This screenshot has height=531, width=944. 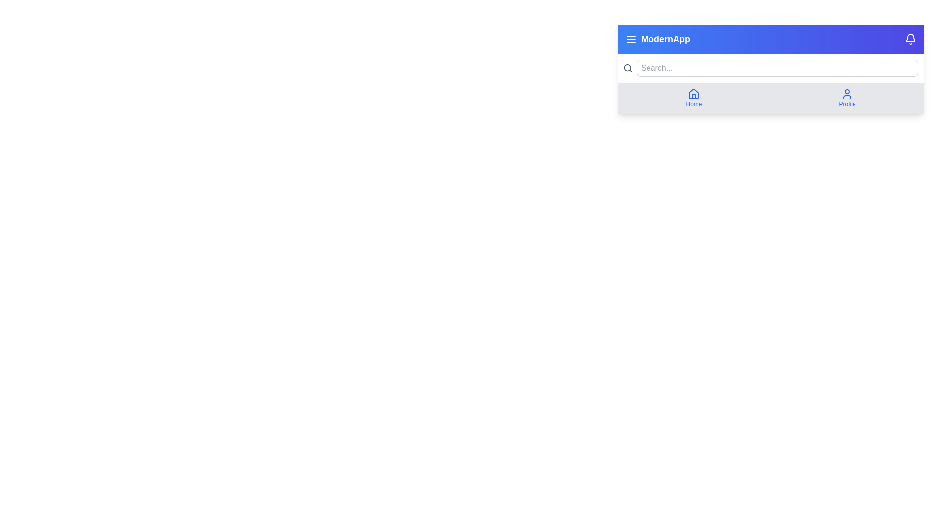 I want to click on the hamburger menu icon located at the far left of the application header, before the text 'ModernApp', so click(x=631, y=39).